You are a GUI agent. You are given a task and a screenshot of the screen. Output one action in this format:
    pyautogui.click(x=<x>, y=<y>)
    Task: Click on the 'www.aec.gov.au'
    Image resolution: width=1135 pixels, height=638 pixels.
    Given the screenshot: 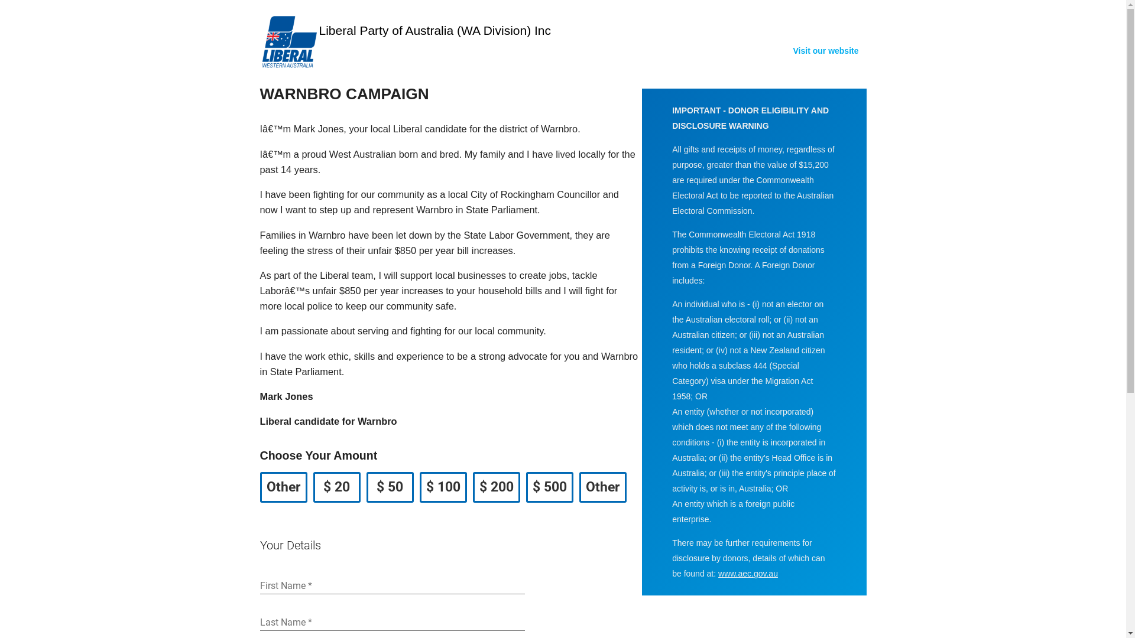 What is the action you would take?
    pyautogui.click(x=747, y=573)
    